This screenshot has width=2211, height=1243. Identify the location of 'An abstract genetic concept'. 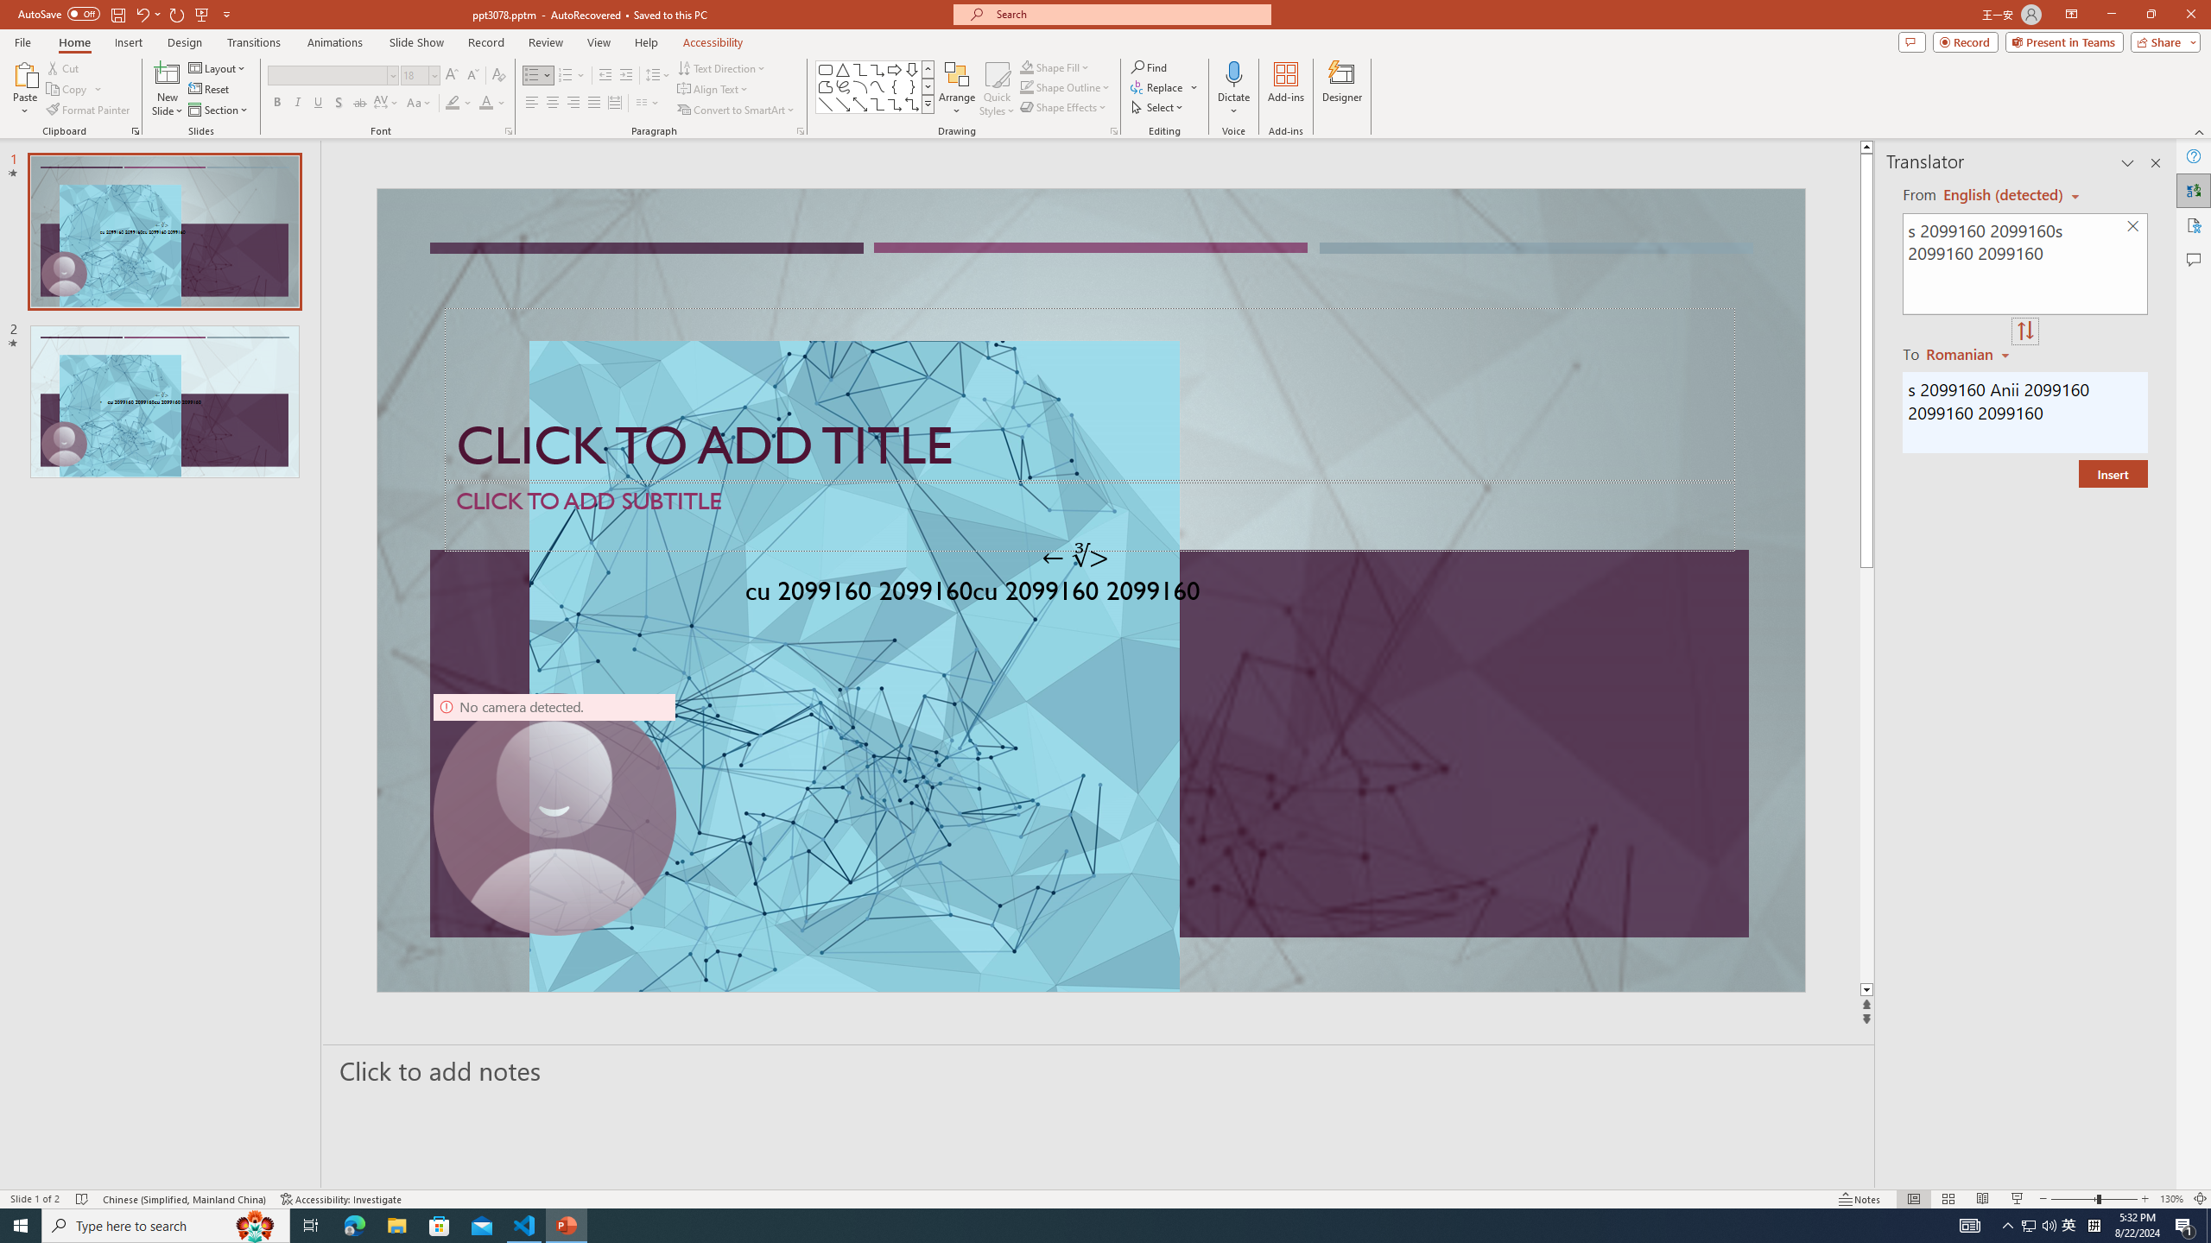
(1091, 590).